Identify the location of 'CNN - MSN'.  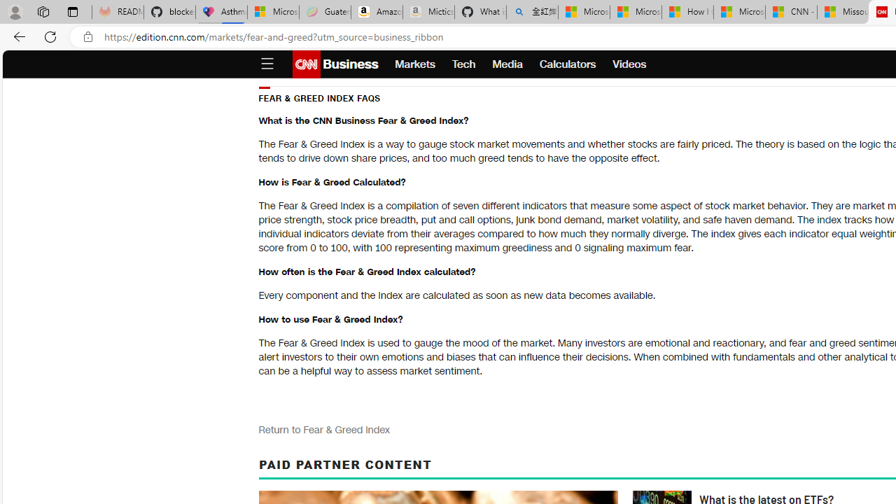
(791, 12).